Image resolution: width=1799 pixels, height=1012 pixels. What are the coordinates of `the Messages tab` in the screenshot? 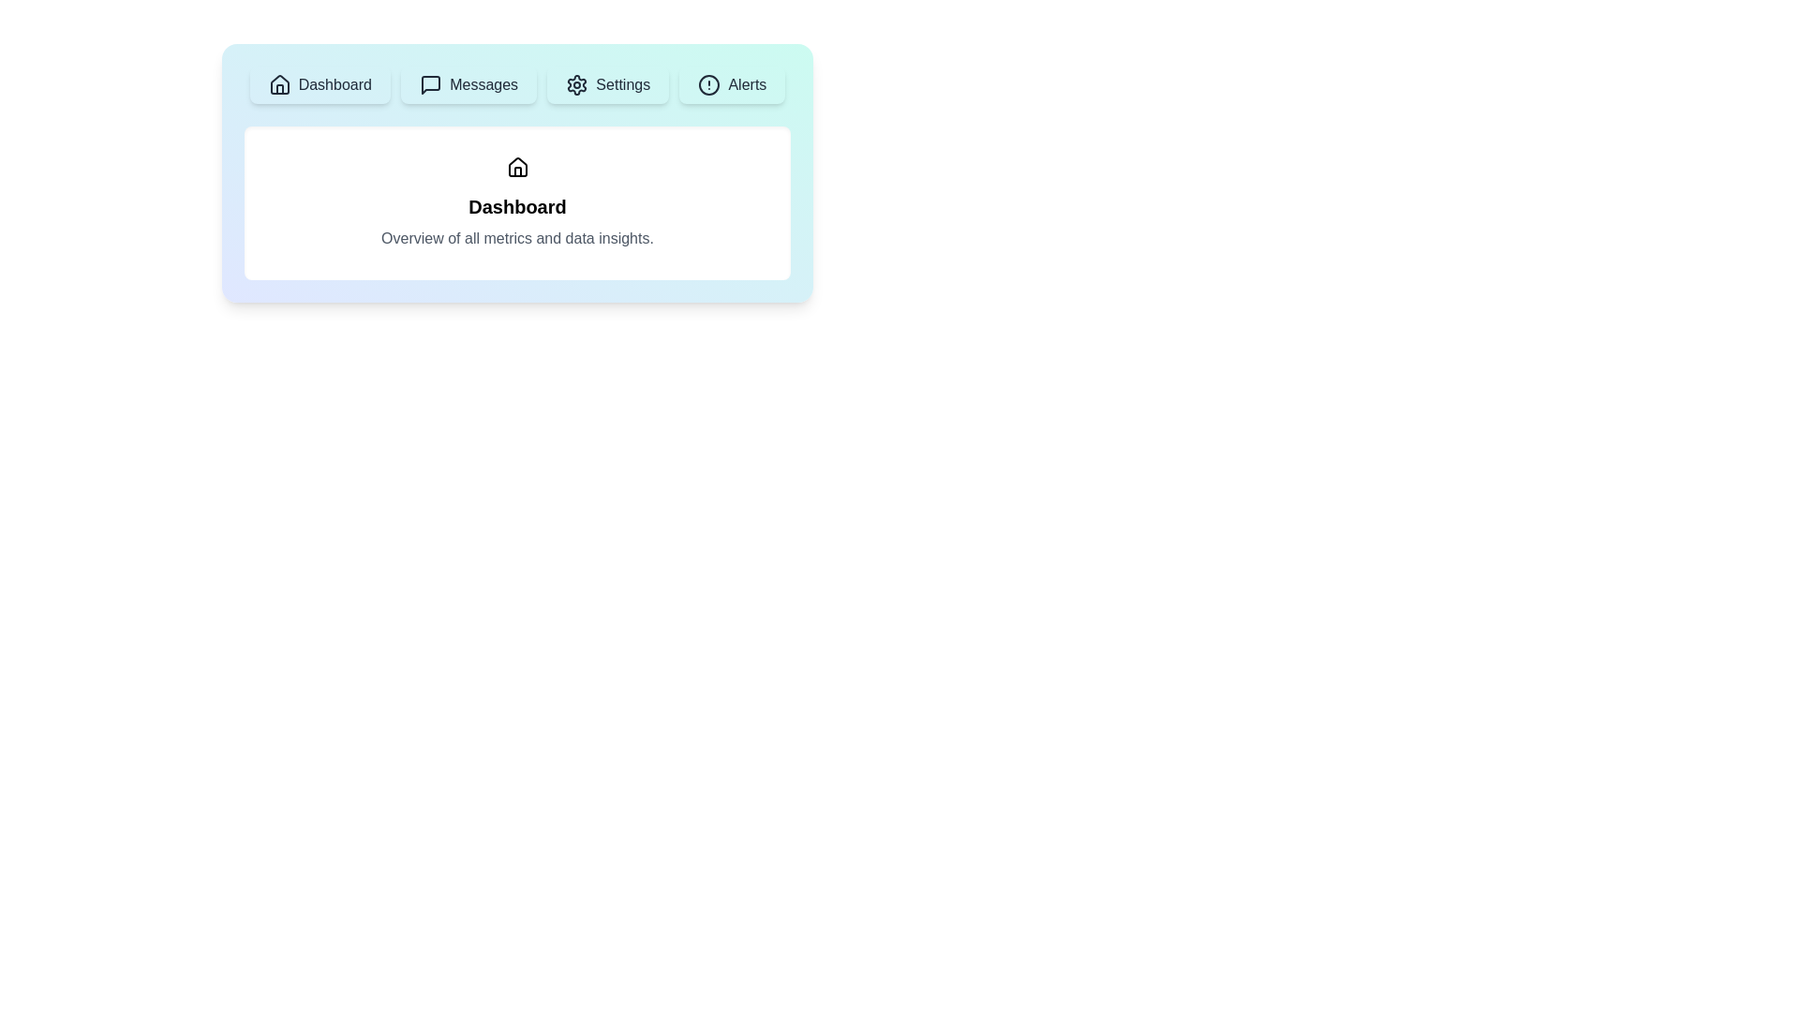 It's located at (468, 85).